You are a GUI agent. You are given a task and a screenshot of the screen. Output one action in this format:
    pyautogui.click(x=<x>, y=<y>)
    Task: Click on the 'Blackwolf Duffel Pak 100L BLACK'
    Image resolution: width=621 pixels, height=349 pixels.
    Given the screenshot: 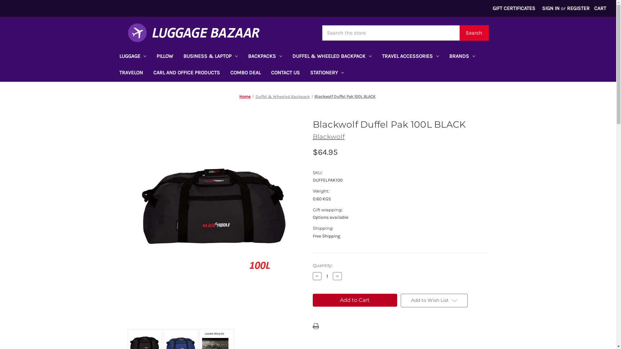 What is the action you would take?
    pyautogui.click(x=344, y=96)
    